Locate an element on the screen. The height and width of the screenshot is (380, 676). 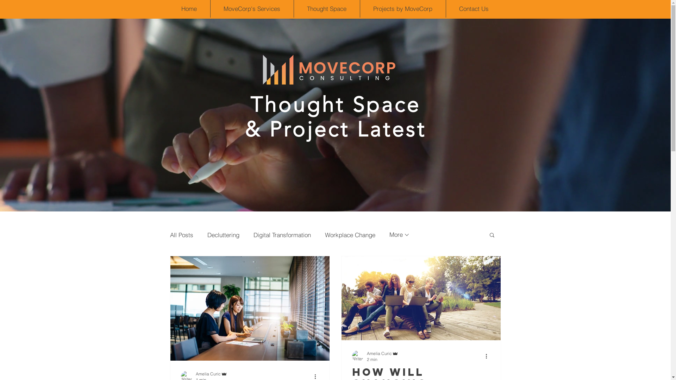
'Decluttering' is located at coordinates (223, 234).